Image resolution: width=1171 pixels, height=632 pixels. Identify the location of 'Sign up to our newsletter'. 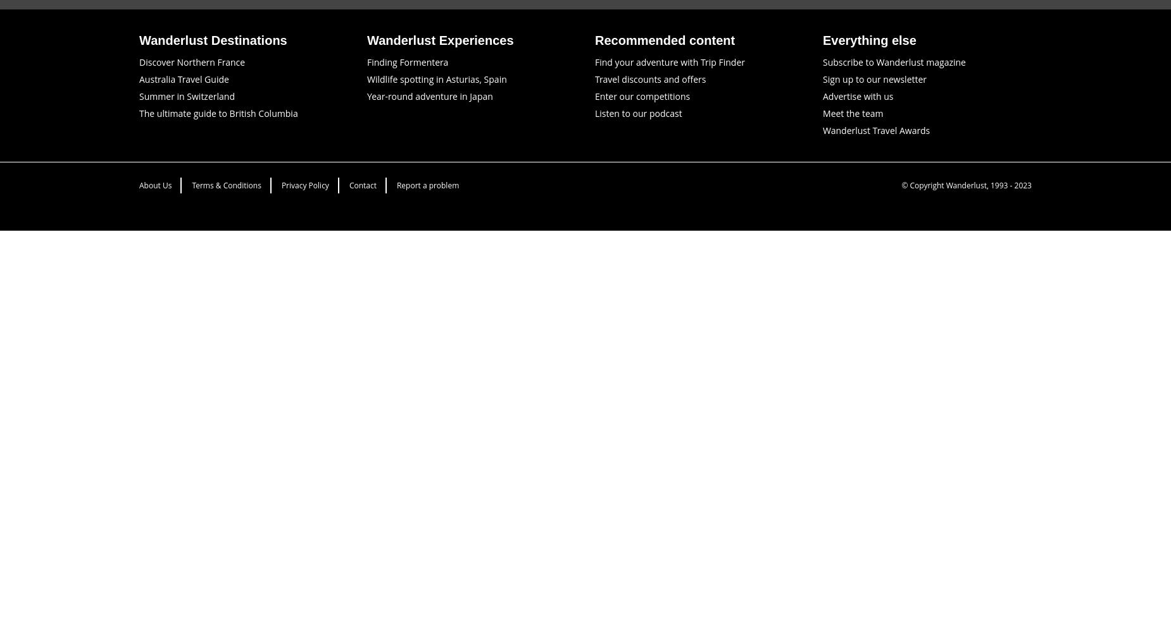
(874, 78).